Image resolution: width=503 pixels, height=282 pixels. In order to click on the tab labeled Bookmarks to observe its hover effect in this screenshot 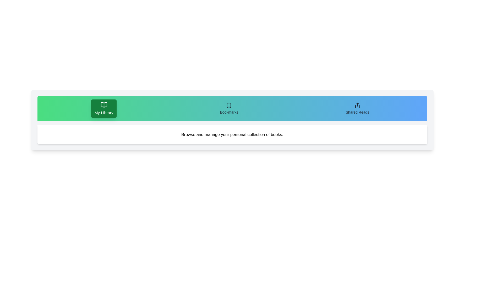, I will do `click(229, 108)`.